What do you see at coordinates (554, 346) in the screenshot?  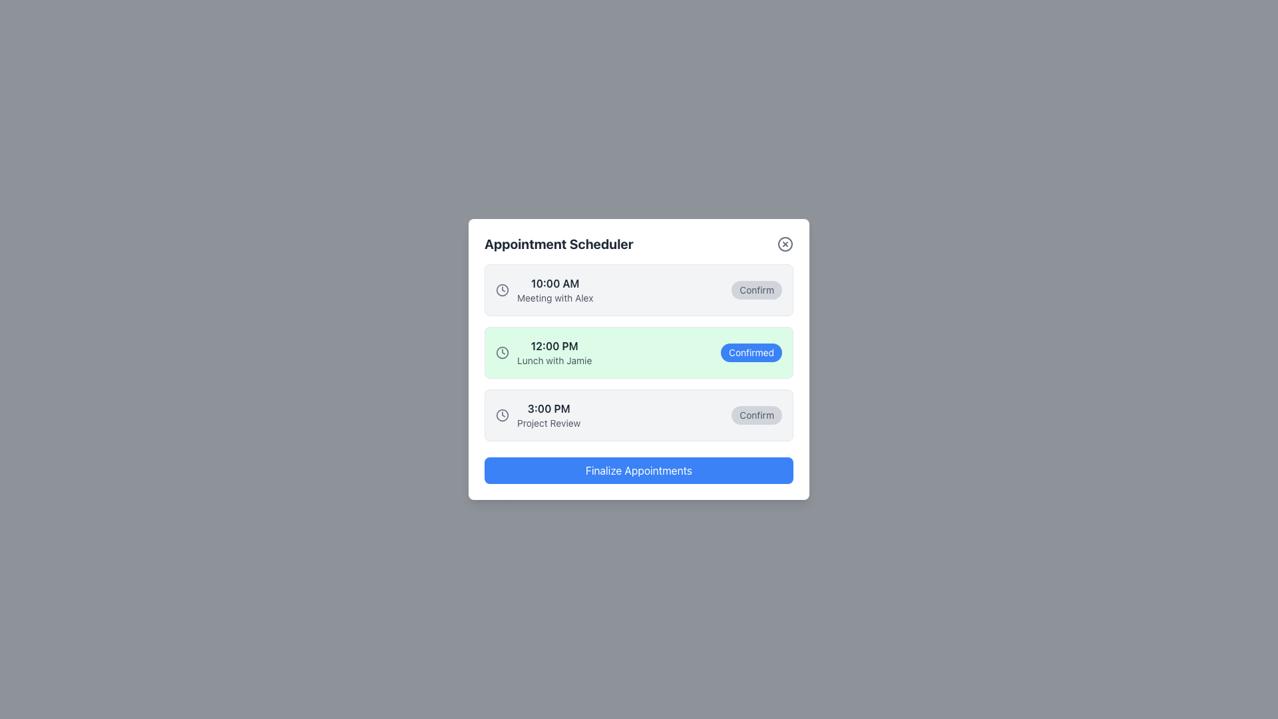 I see `the text element displaying '12:00 PM' in bold, dark font, located in the middle section of the event list` at bounding box center [554, 346].